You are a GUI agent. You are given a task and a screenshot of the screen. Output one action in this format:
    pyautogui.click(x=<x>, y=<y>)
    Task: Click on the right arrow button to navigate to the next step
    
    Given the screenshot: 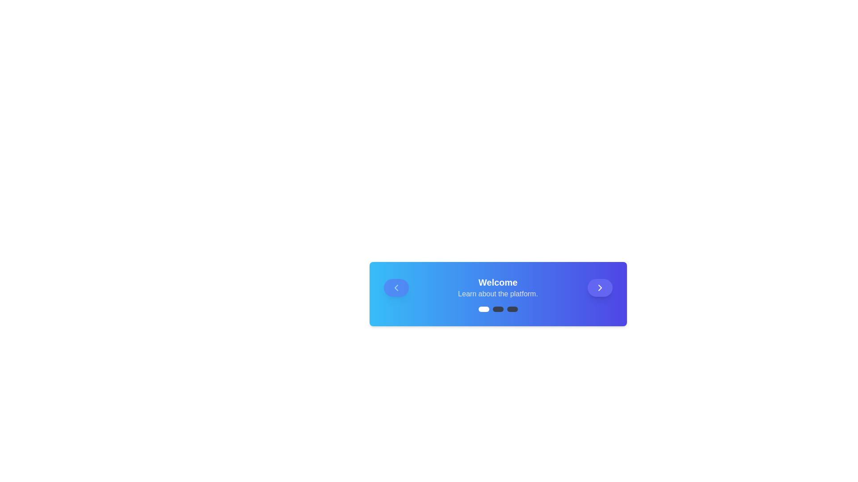 What is the action you would take?
    pyautogui.click(x=600, y=287)
    